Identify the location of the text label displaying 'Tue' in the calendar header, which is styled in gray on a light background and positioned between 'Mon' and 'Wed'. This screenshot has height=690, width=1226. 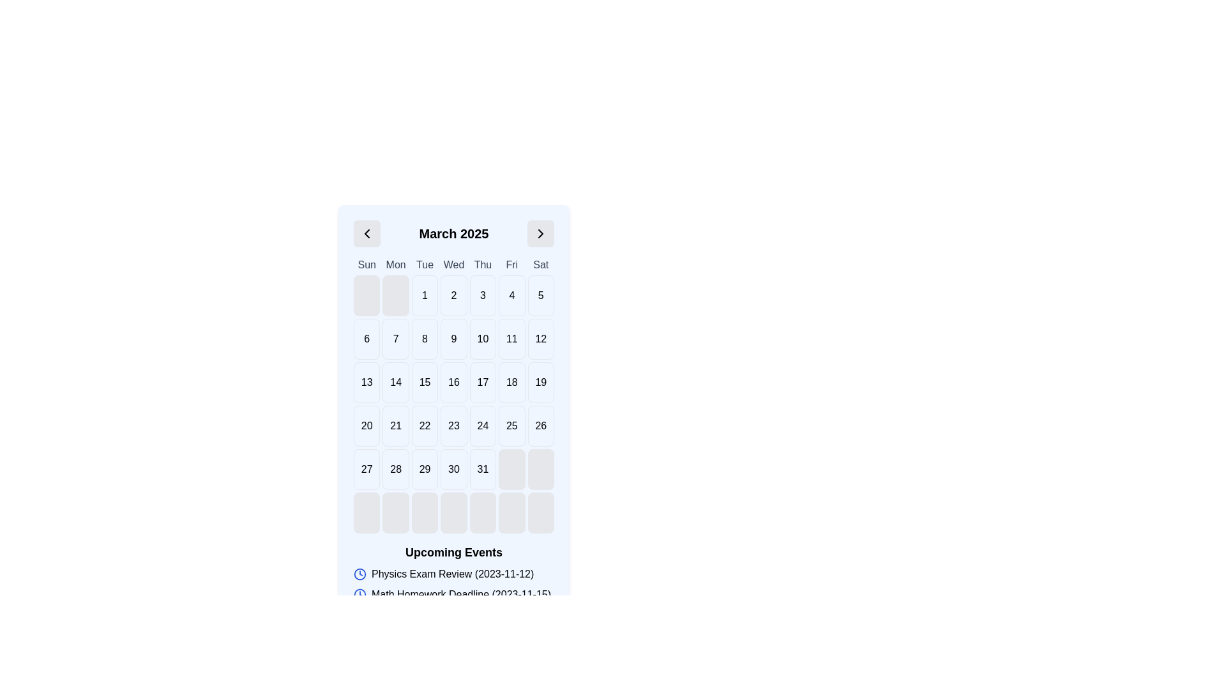
(425, 264).